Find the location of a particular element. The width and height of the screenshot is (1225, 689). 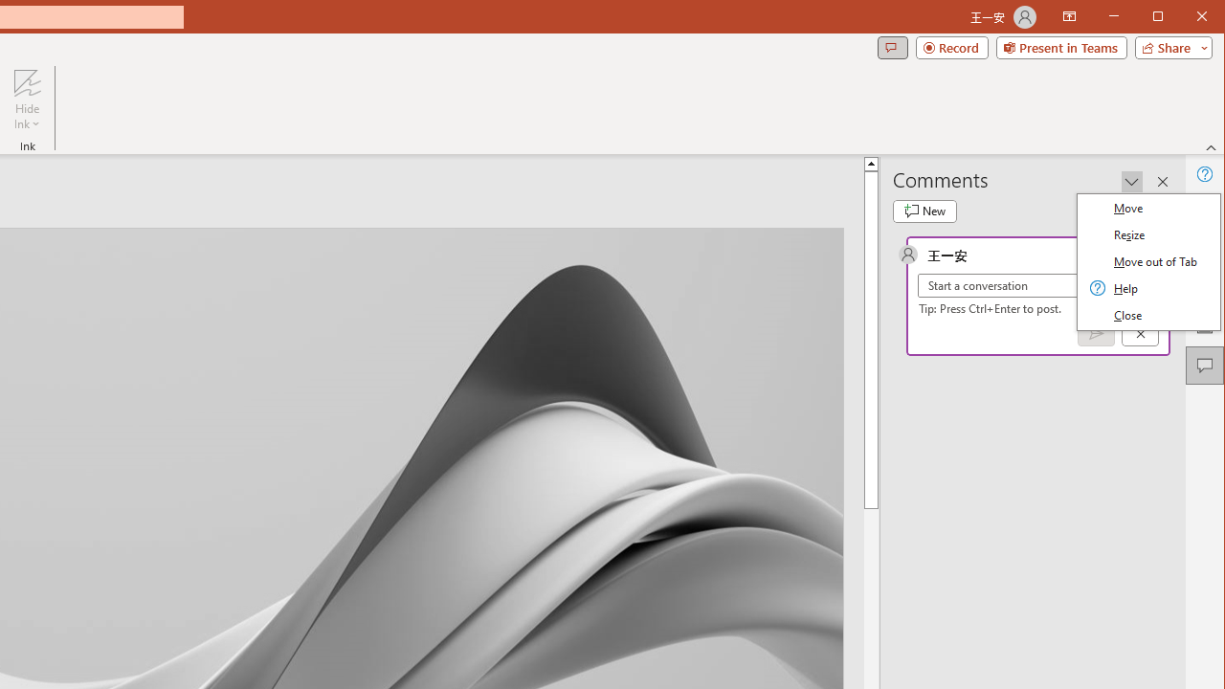

'Present in Teams' is located at coordinates (1060, 47).